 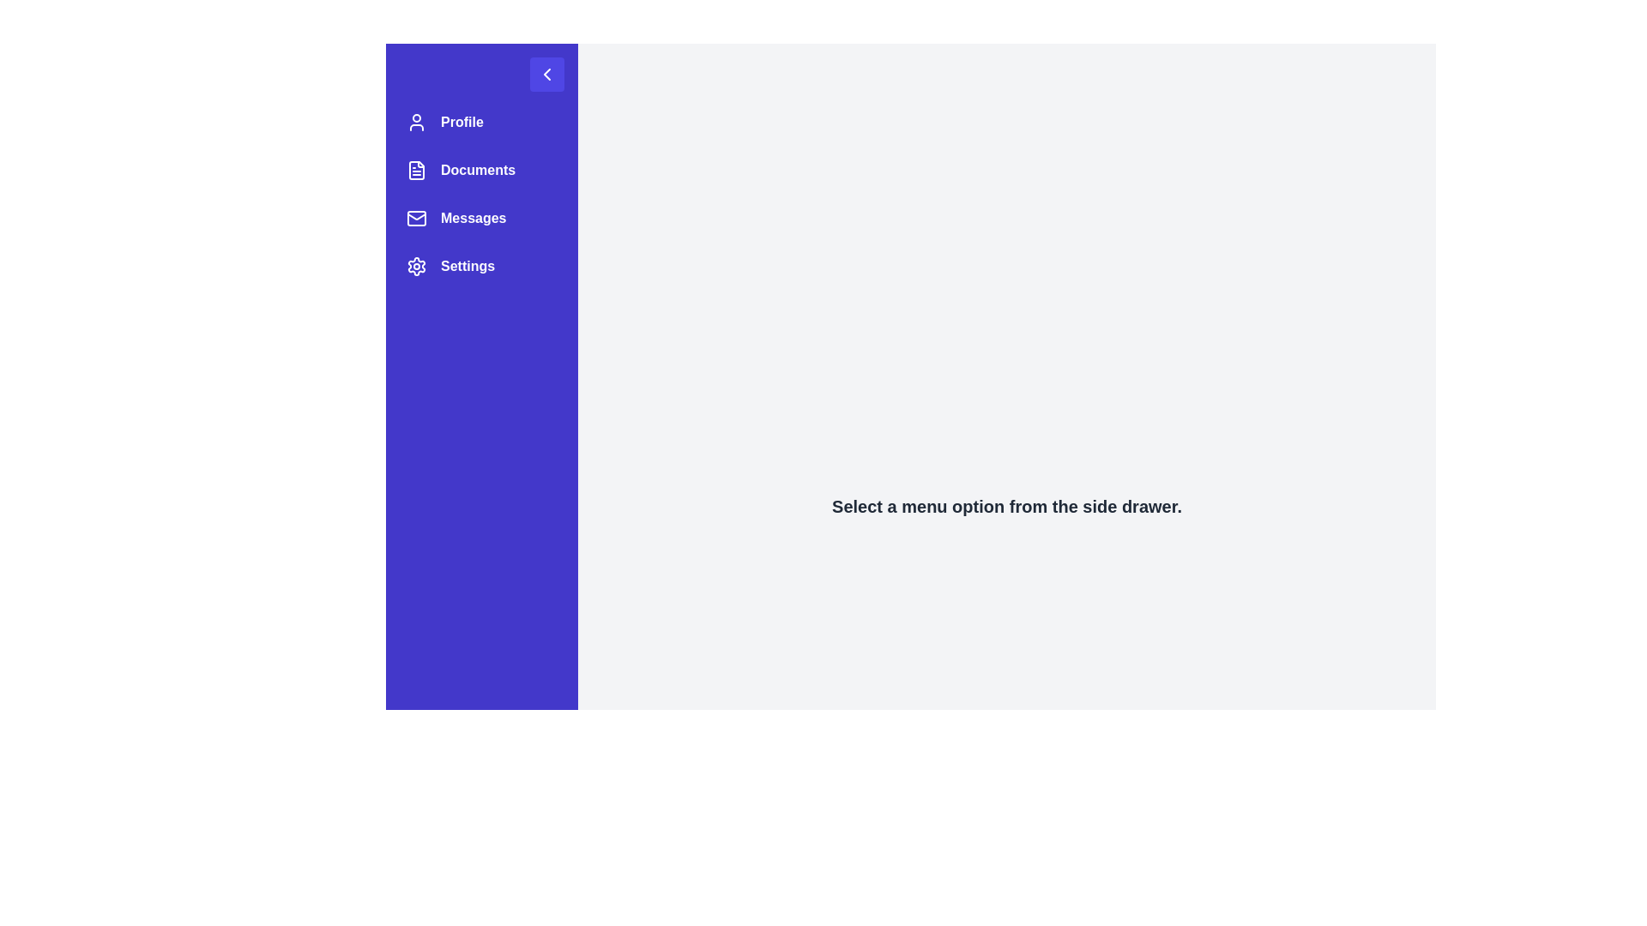 I want to click on the second item in the left navigation bar, so click(x=480, y=171).